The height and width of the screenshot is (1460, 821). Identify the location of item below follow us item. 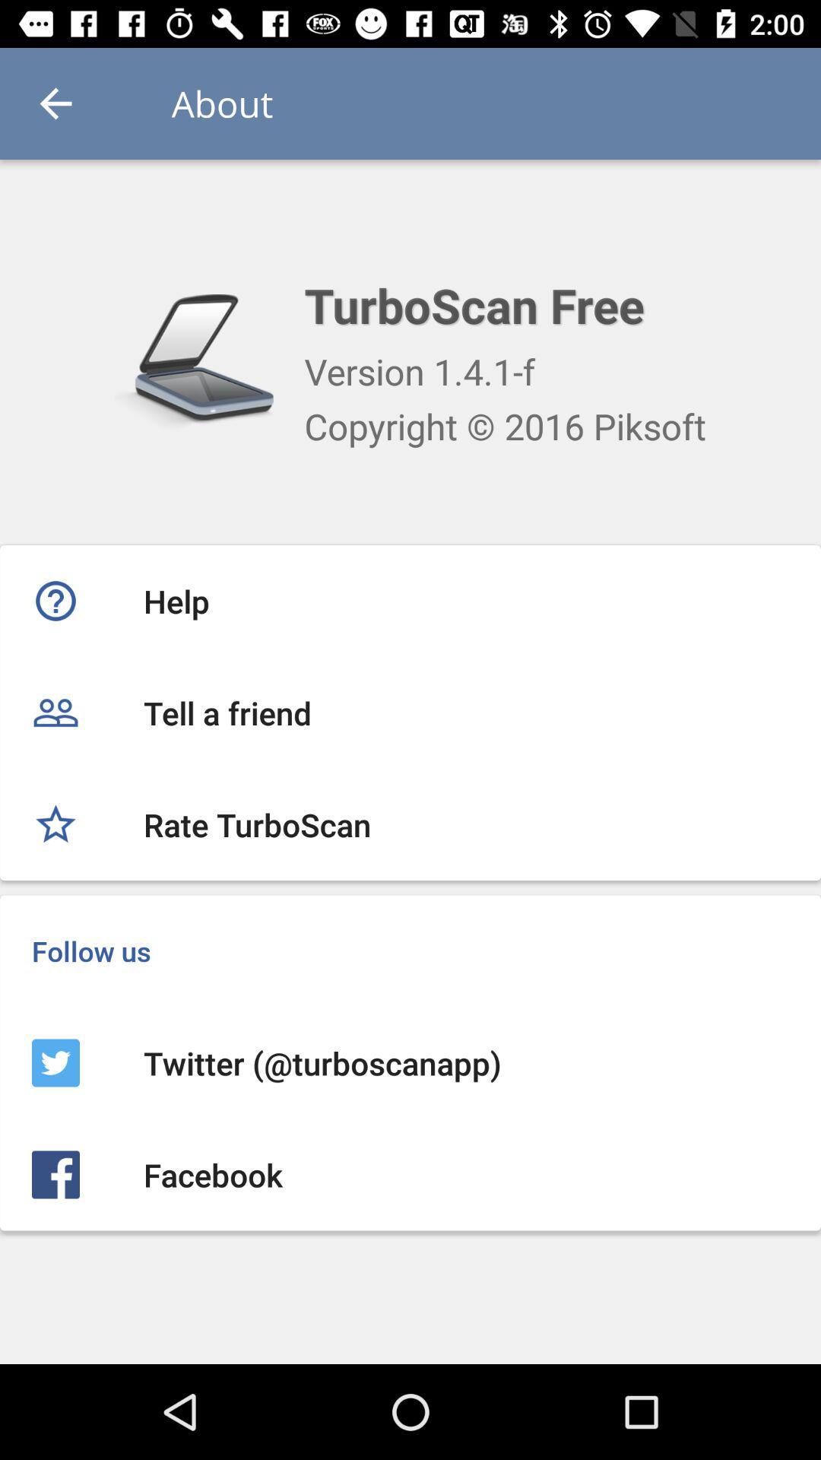
(410, 1062).